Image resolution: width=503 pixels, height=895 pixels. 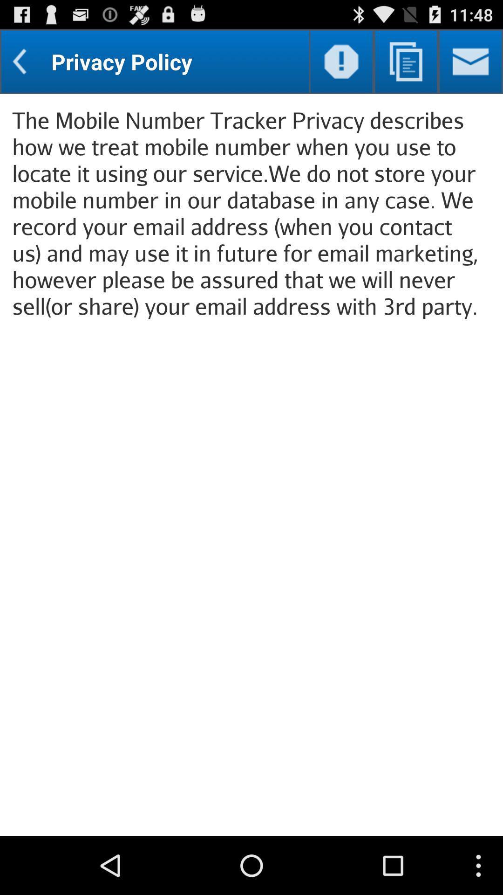 I want to click on the item above the the mobile number item, so click(x=470, y=61).